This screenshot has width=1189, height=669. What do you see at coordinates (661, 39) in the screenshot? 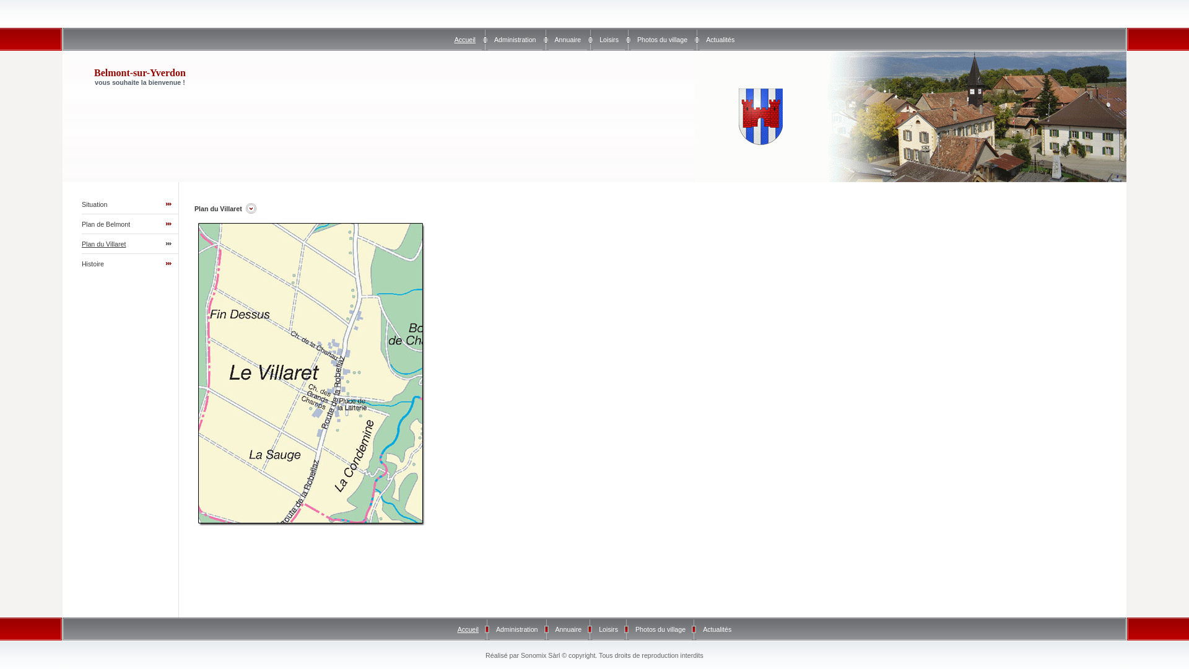
I see `'Photos du village'` at bounding box center [661, 39].